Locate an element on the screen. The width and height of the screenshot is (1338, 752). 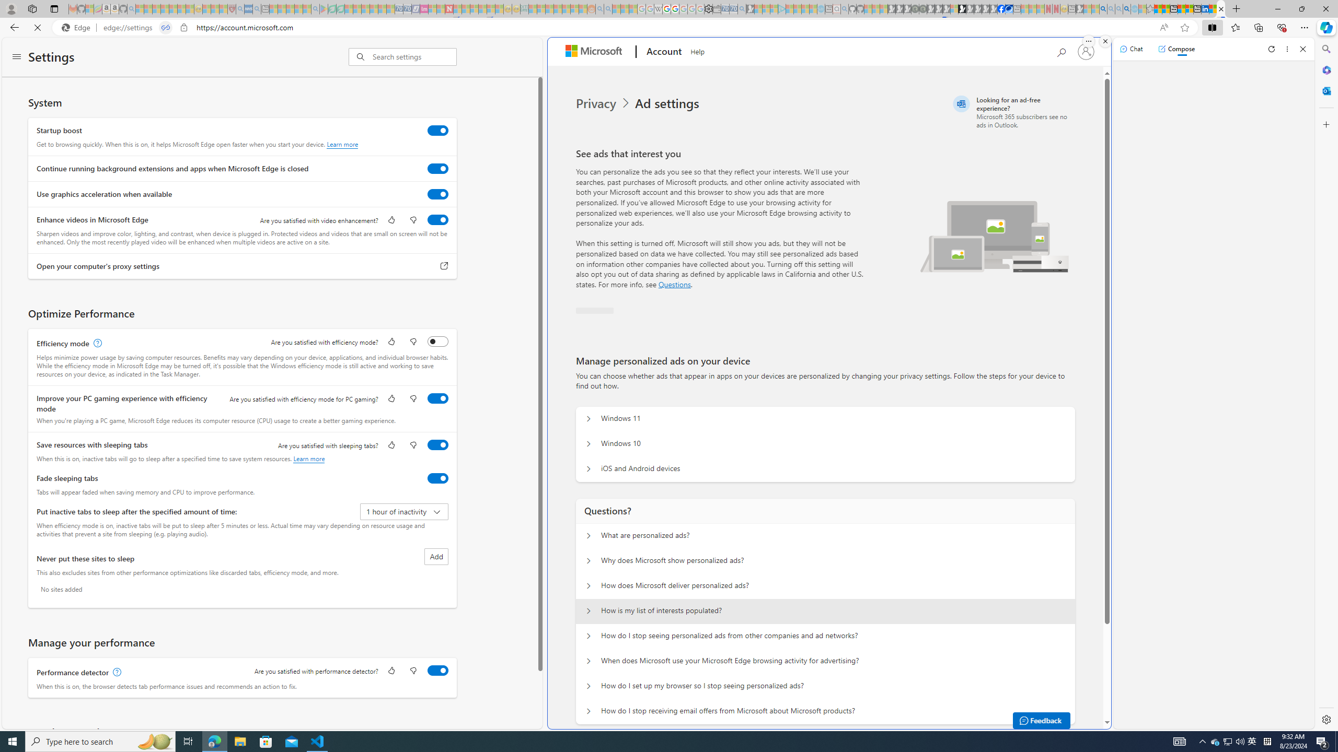
'Compose' is located at coordinates (1176, 48).